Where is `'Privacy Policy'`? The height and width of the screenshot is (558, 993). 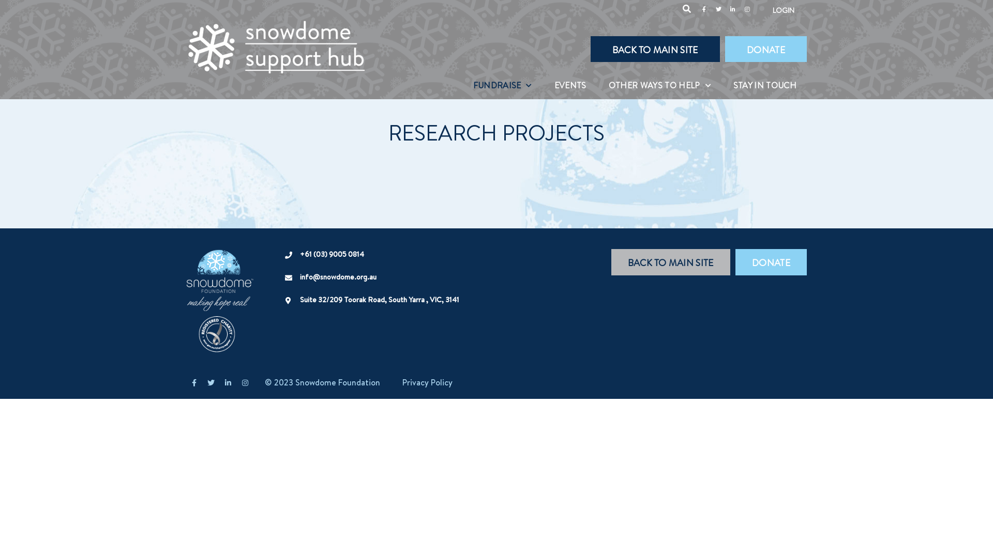
'Privacy Policy' is located at coordinates (427, 382).